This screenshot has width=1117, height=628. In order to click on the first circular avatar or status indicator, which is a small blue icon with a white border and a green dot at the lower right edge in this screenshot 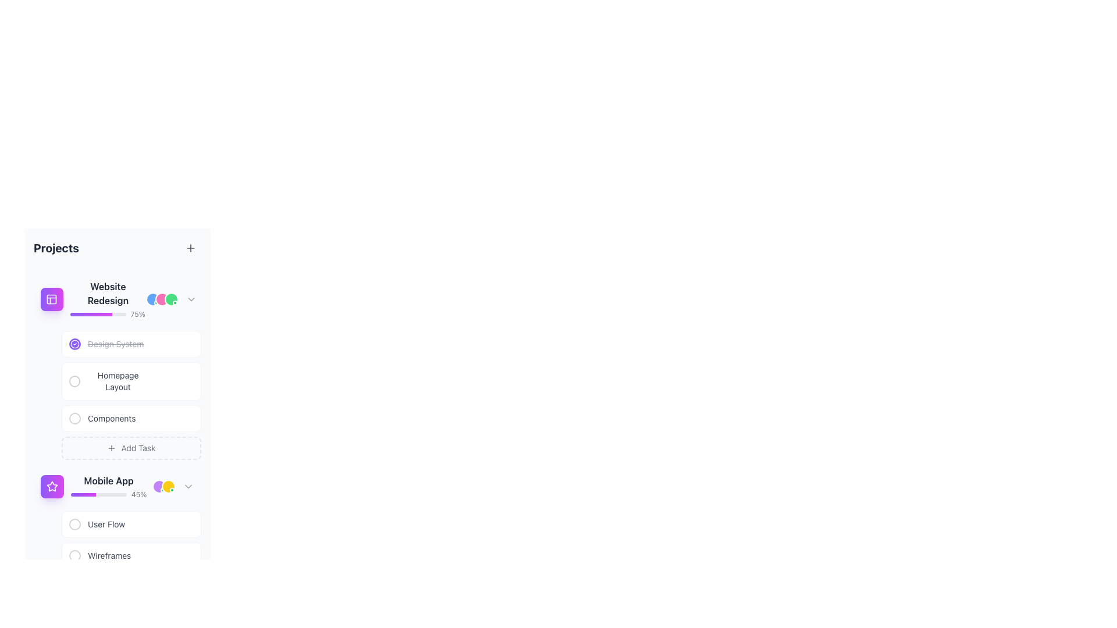, I will do `click(152, 299)`.